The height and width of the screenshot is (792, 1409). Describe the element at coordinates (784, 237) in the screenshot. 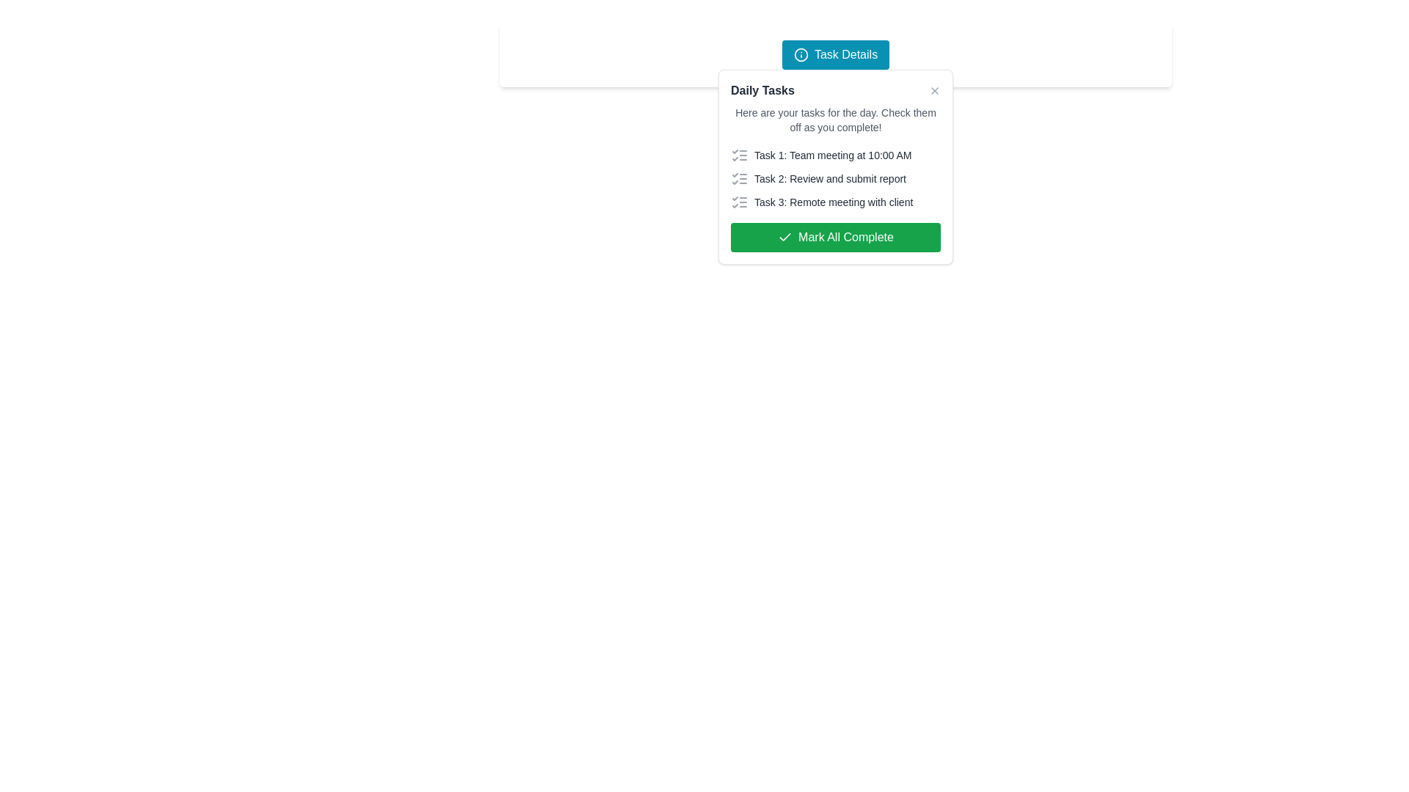

I see `the checkmark icon styled with the class 'lucide lucide-check' located within the green button labeled 'Mark All Complete'` at that location.